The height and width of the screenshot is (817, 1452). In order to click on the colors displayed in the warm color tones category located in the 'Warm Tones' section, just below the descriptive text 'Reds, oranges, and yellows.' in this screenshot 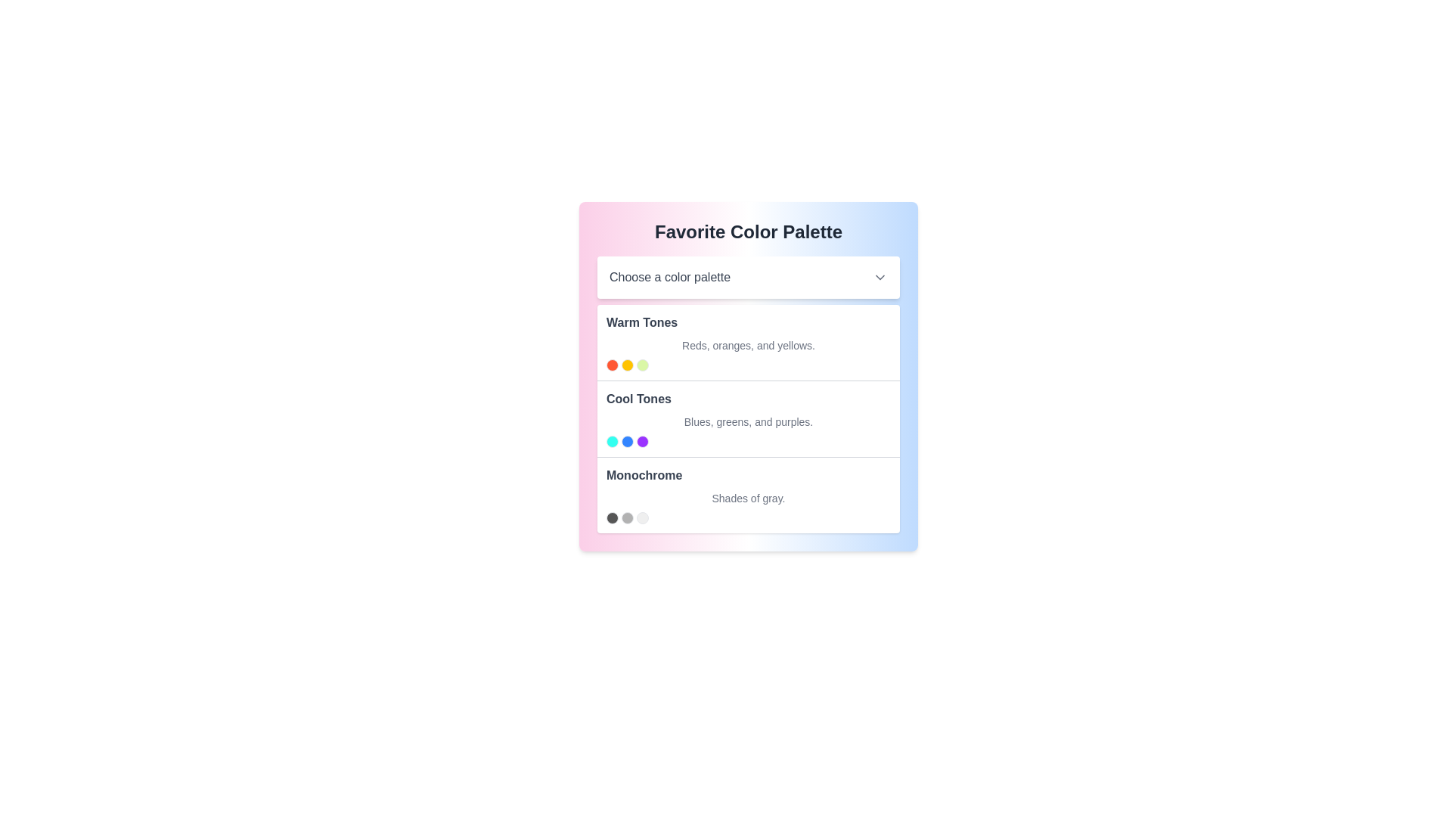, I will do `click(748, 365)`.